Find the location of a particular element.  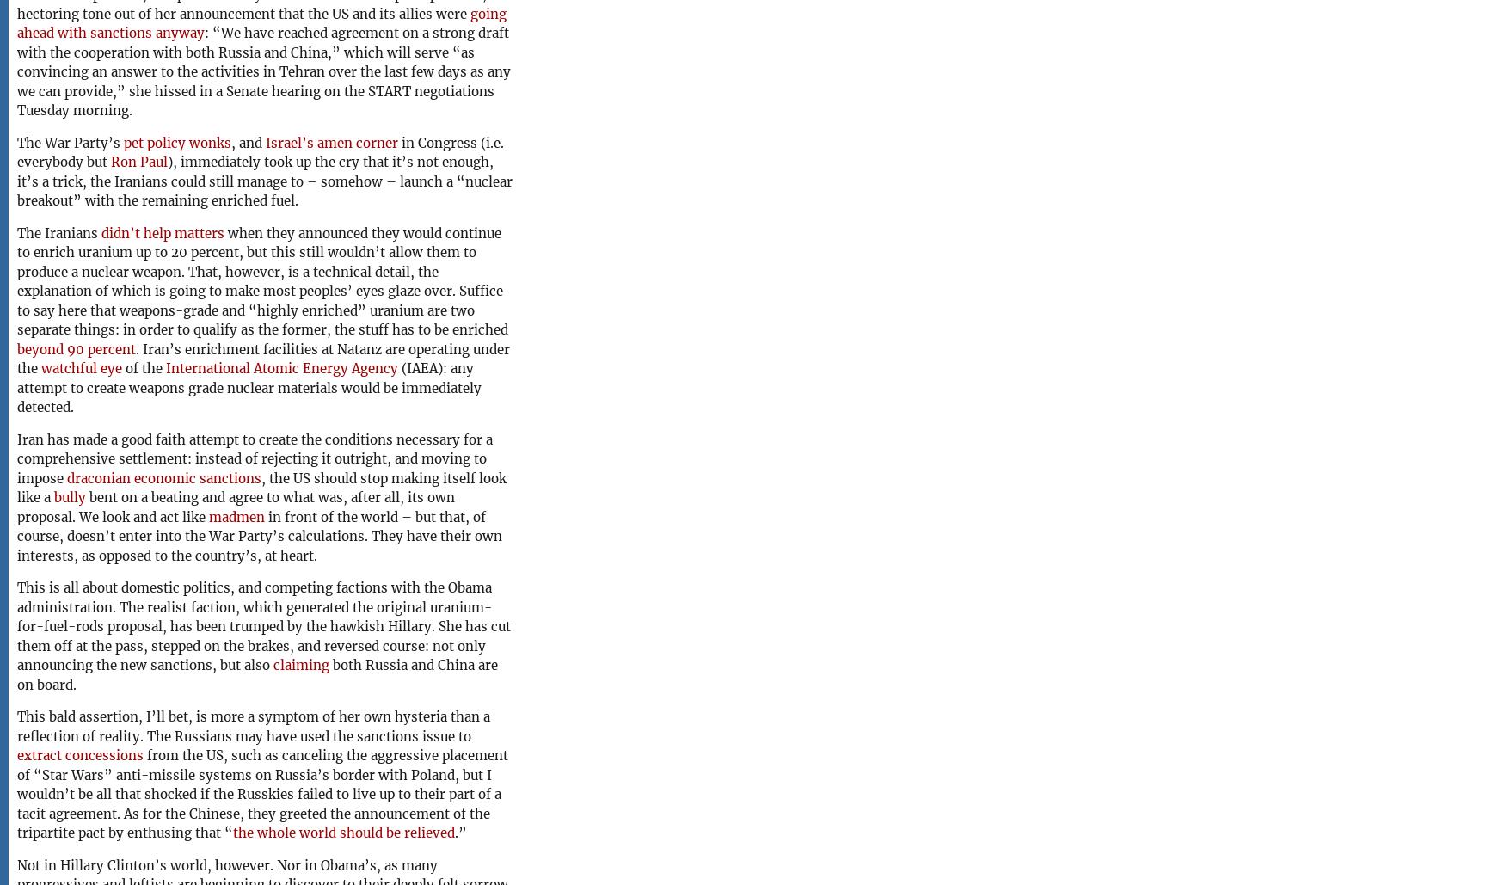

'.”' is located at coordinates (460, 832).